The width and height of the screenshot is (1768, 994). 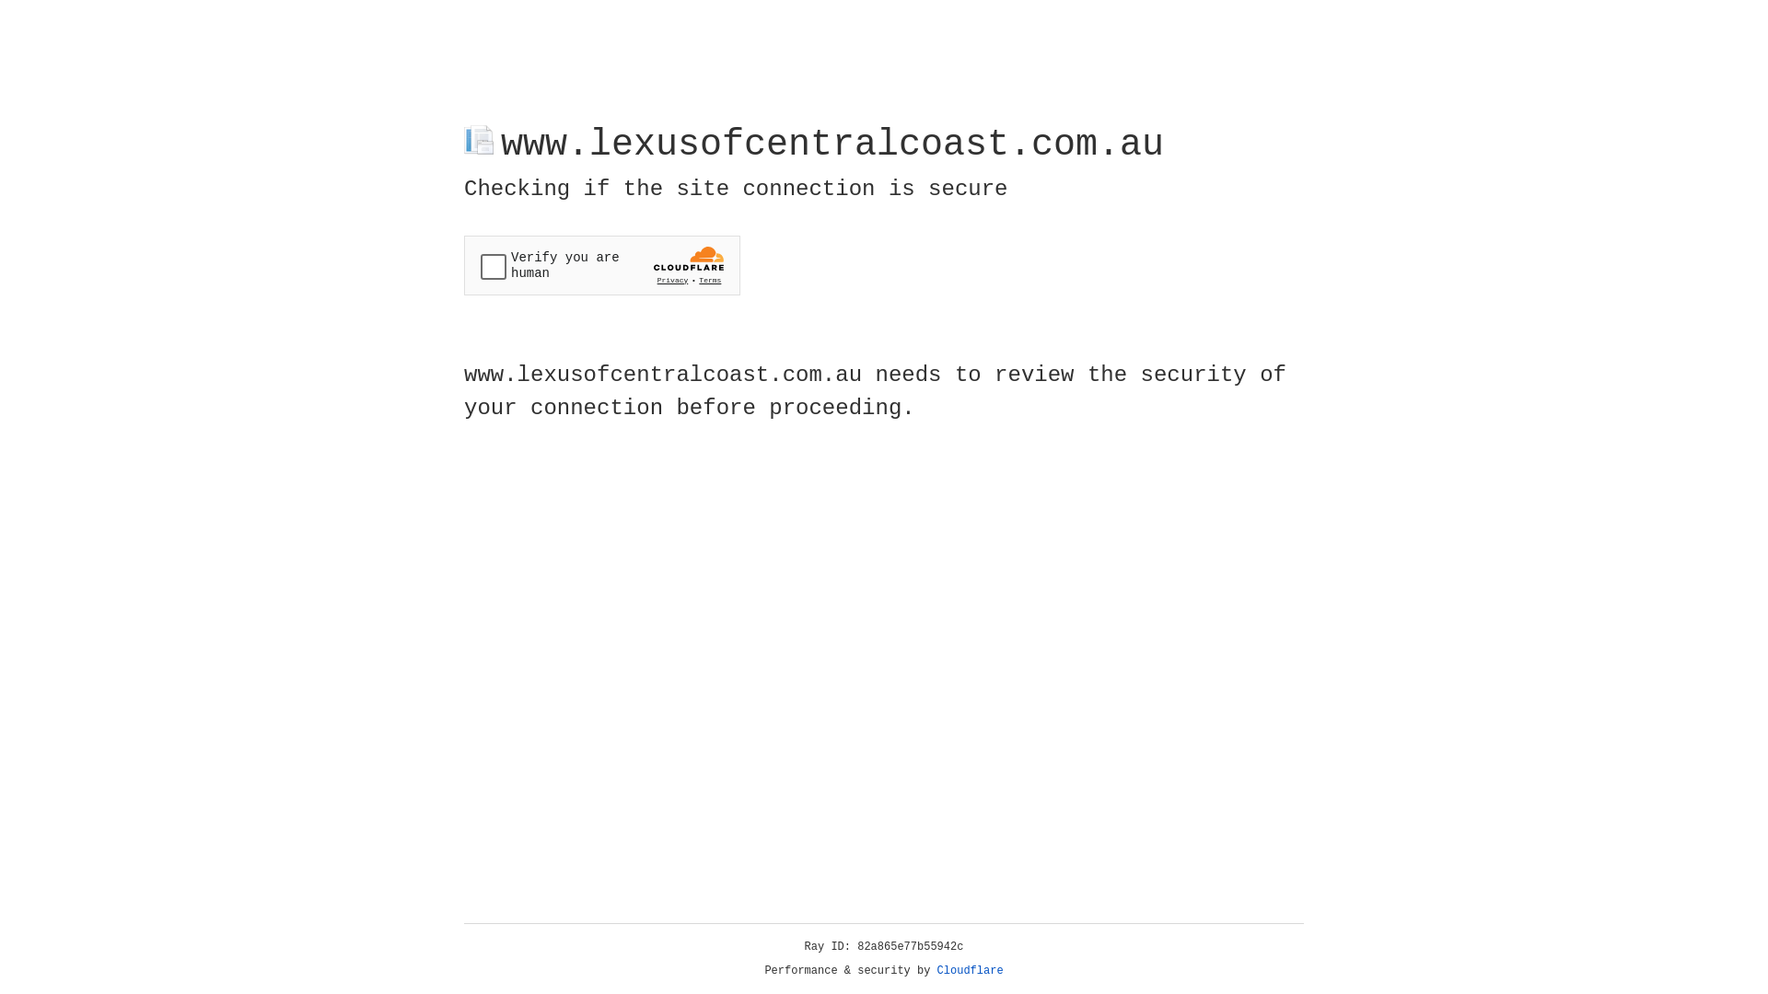 What do you see at coordinates (601, 265) in the screenshot?
I see `'Widget containing a Cloudflare security challenge'` at bounding box center [601, 265].